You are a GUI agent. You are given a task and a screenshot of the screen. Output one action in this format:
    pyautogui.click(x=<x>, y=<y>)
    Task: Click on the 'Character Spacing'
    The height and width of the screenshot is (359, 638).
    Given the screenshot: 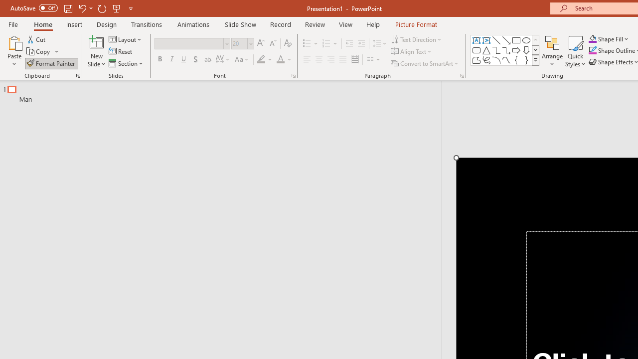 What is the action you would take?
    pyautogui.click(x=223, y=59)
    